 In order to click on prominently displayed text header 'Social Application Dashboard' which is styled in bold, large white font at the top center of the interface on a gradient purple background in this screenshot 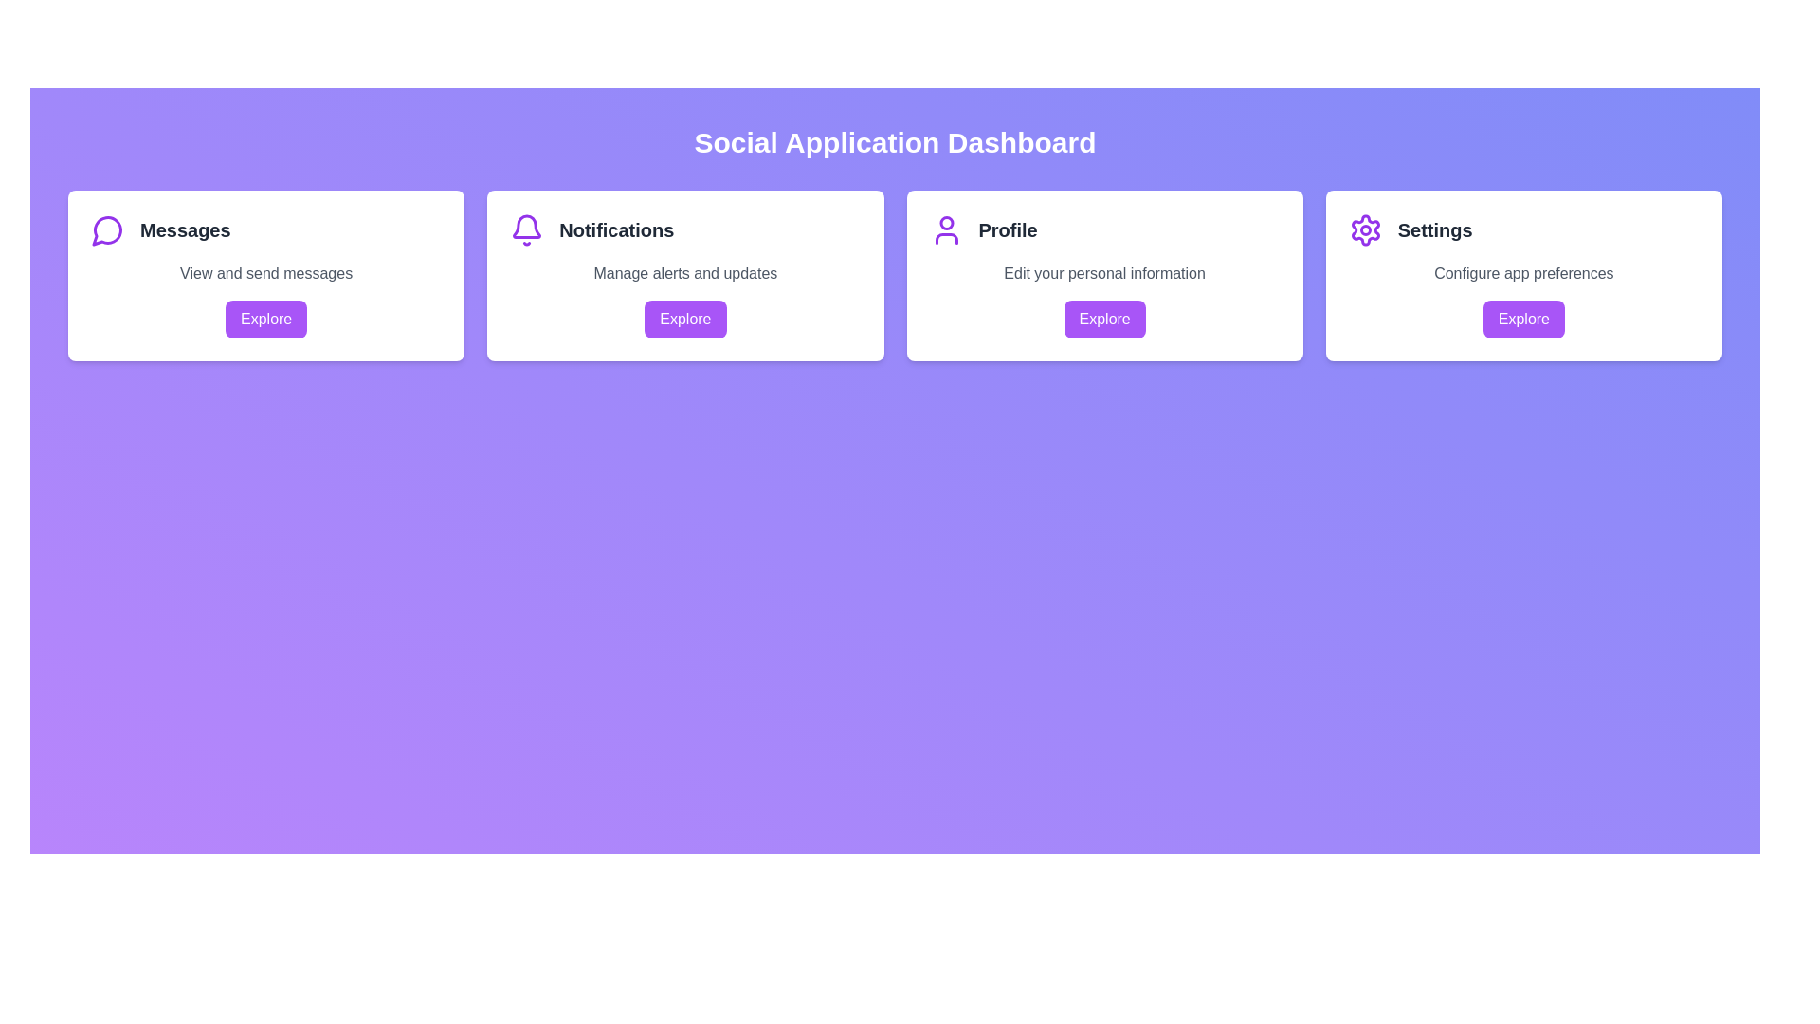, I will do `click(894, 141)`.